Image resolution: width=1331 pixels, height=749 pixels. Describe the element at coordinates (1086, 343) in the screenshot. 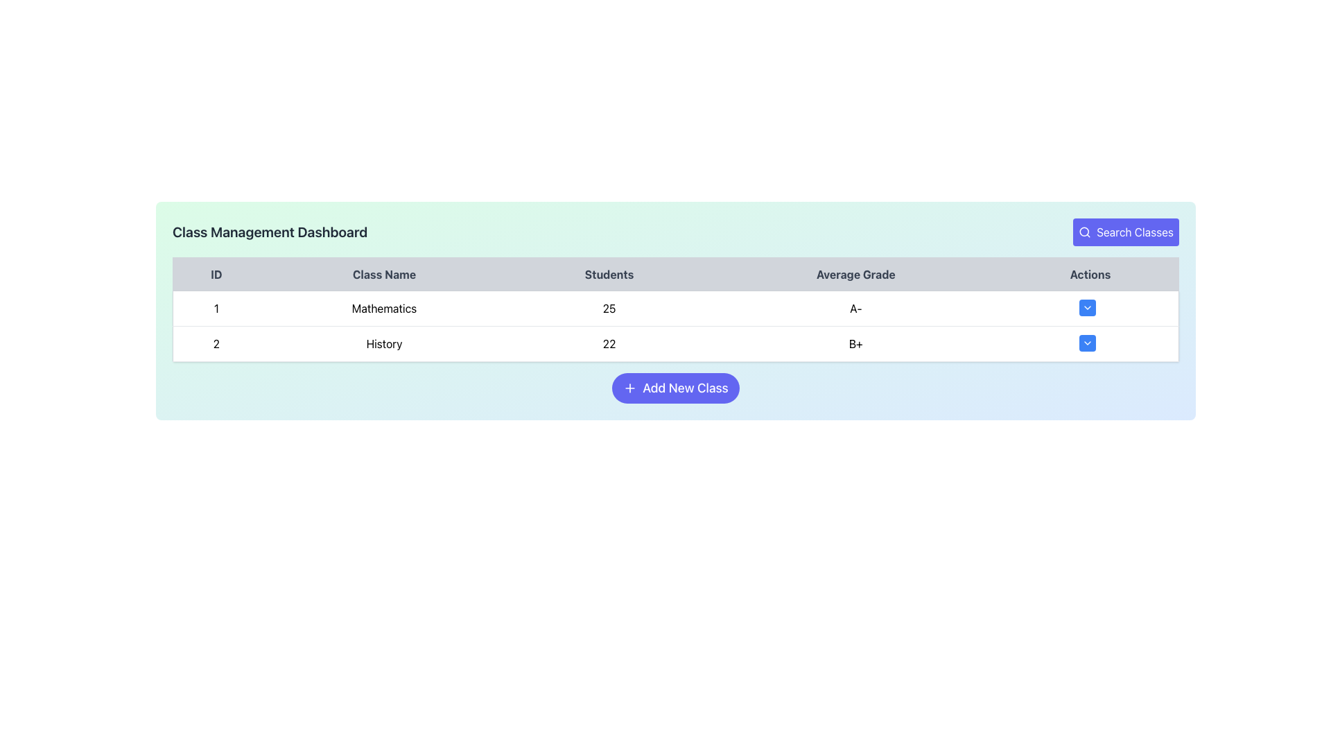

I see `the small blue button with white text and a downward chevron icon located in the 'Actions' column of the second row corresponding to the 'History' class entry` at that location.